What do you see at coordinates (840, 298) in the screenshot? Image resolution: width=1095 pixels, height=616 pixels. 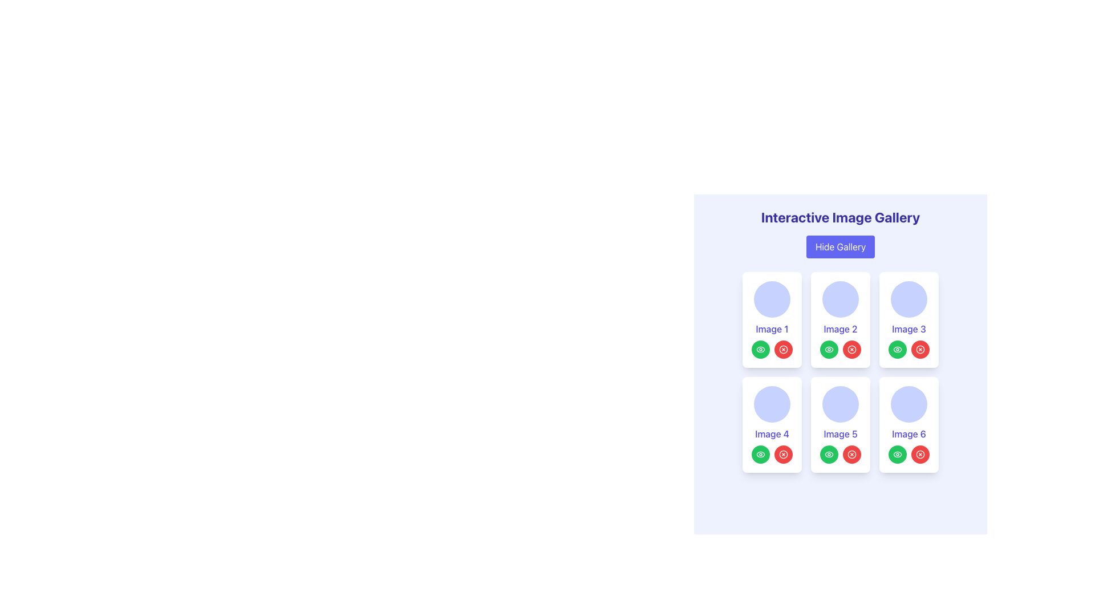 I see `the decorative circular component with a light indigo background, located in the second card labeled 'Image 2' in the grid layout` at bounding box center [840, 298].